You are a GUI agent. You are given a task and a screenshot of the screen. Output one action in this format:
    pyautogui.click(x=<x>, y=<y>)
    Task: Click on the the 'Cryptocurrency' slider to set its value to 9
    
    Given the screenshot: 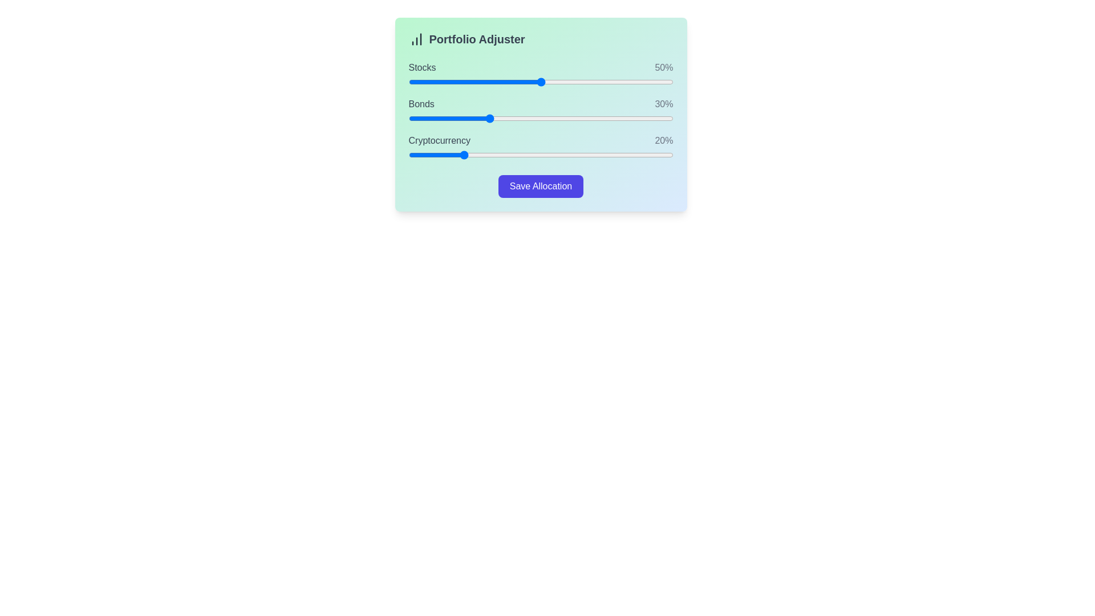 What is the action you would take?
    pyautogui.click(x=432, y=155)
    